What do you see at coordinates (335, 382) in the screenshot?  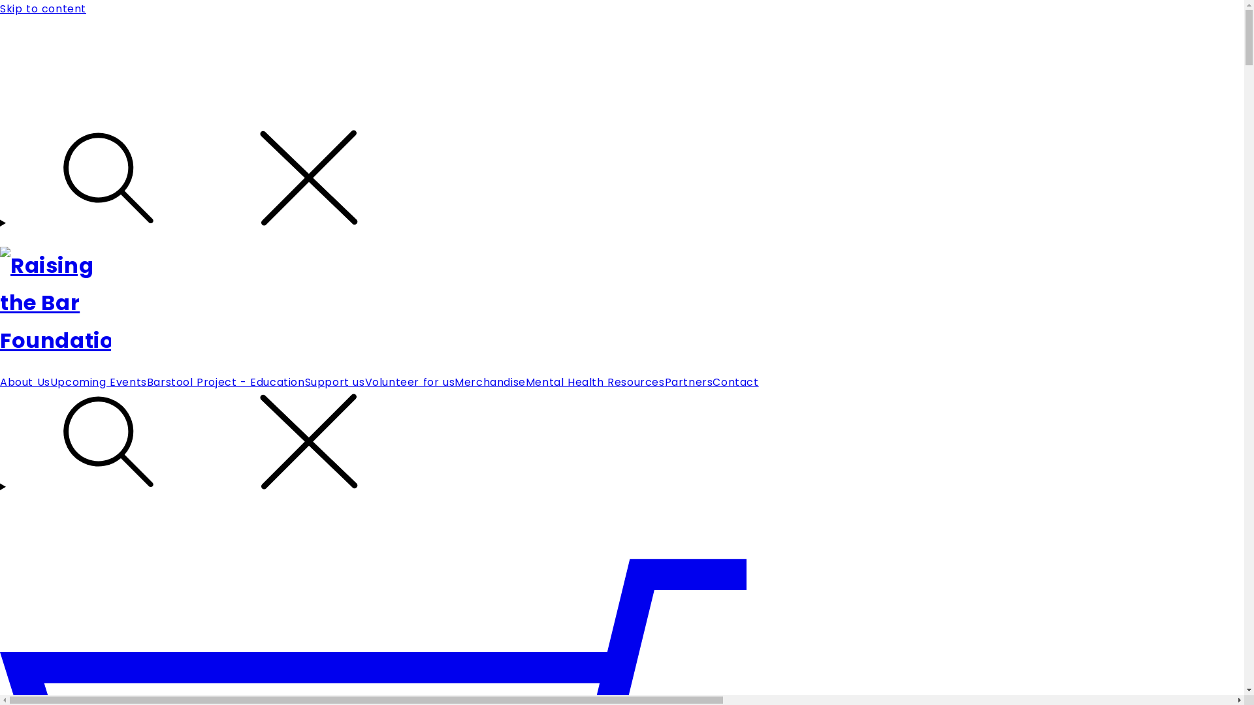 I see `'Support us'` at bounding box center [335, 382].